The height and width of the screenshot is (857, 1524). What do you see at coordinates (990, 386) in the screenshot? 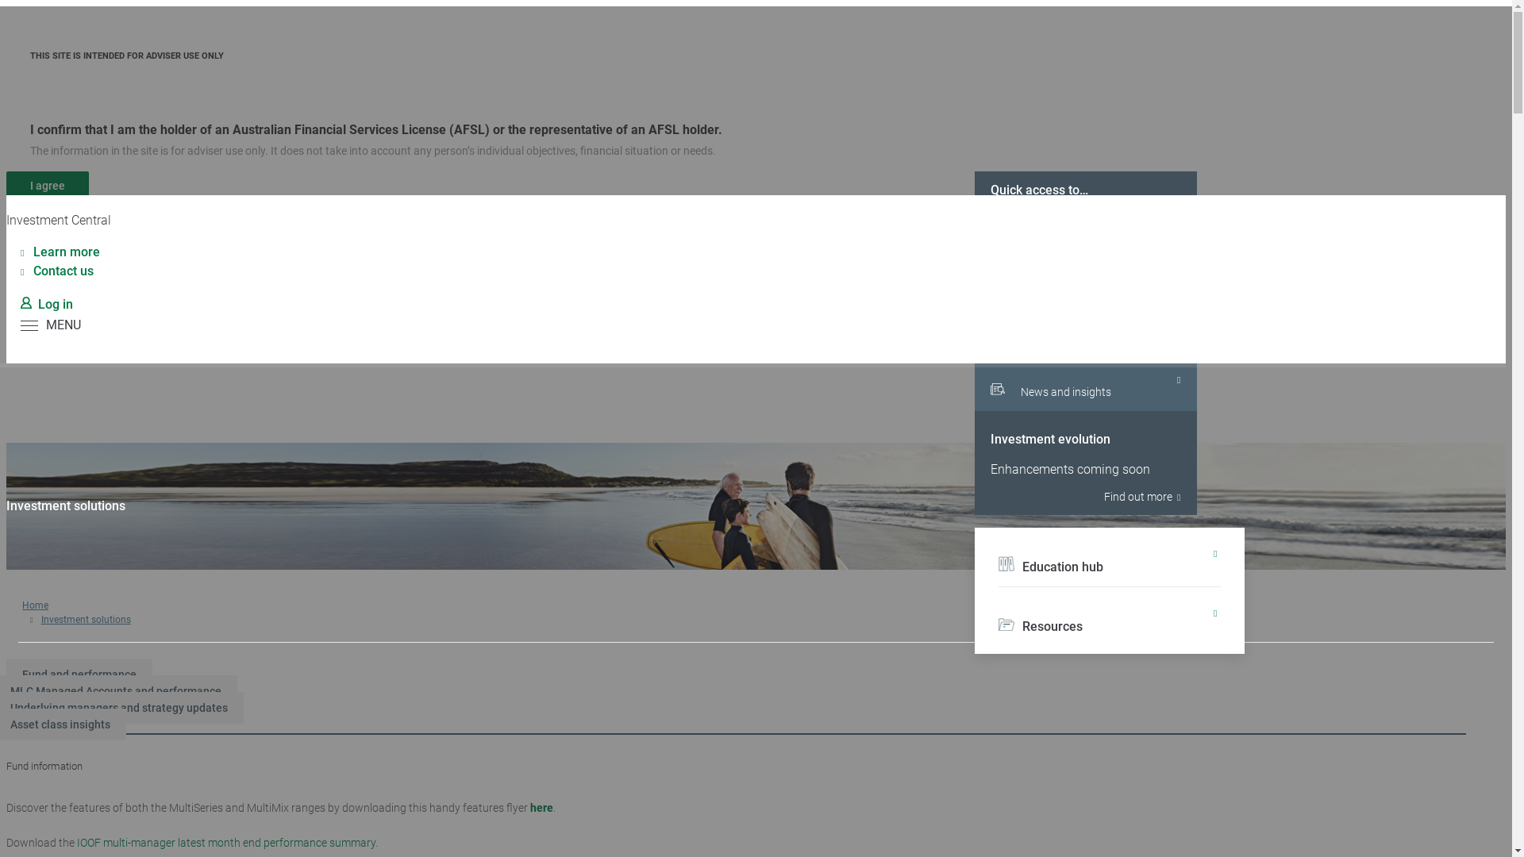
I see `'News and insights'` at bounding box center [990, 386].